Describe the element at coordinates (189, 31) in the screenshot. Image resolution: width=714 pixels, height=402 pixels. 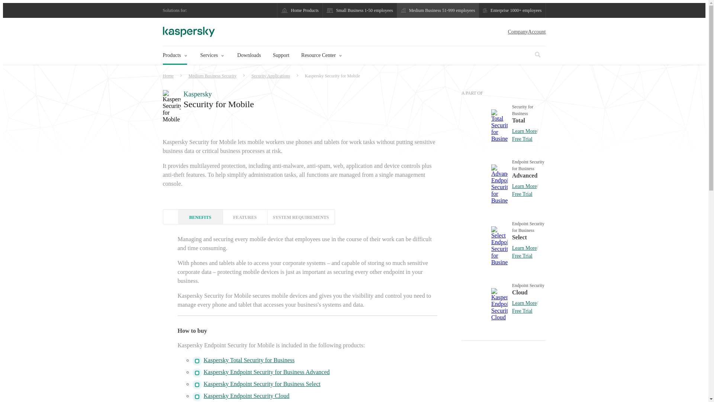
I see `'Kaspersky logo'` at that location.